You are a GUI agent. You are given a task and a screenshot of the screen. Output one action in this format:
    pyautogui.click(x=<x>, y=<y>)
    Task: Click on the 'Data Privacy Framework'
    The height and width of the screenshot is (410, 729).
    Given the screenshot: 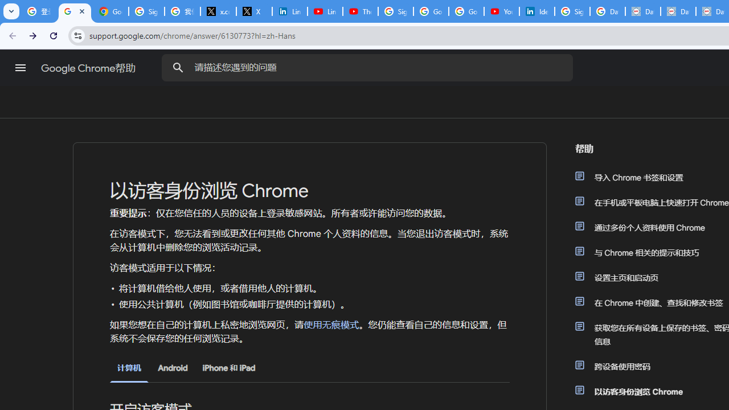 What is the action you would take?
    pyautogui.click(x=642, y=11)
    